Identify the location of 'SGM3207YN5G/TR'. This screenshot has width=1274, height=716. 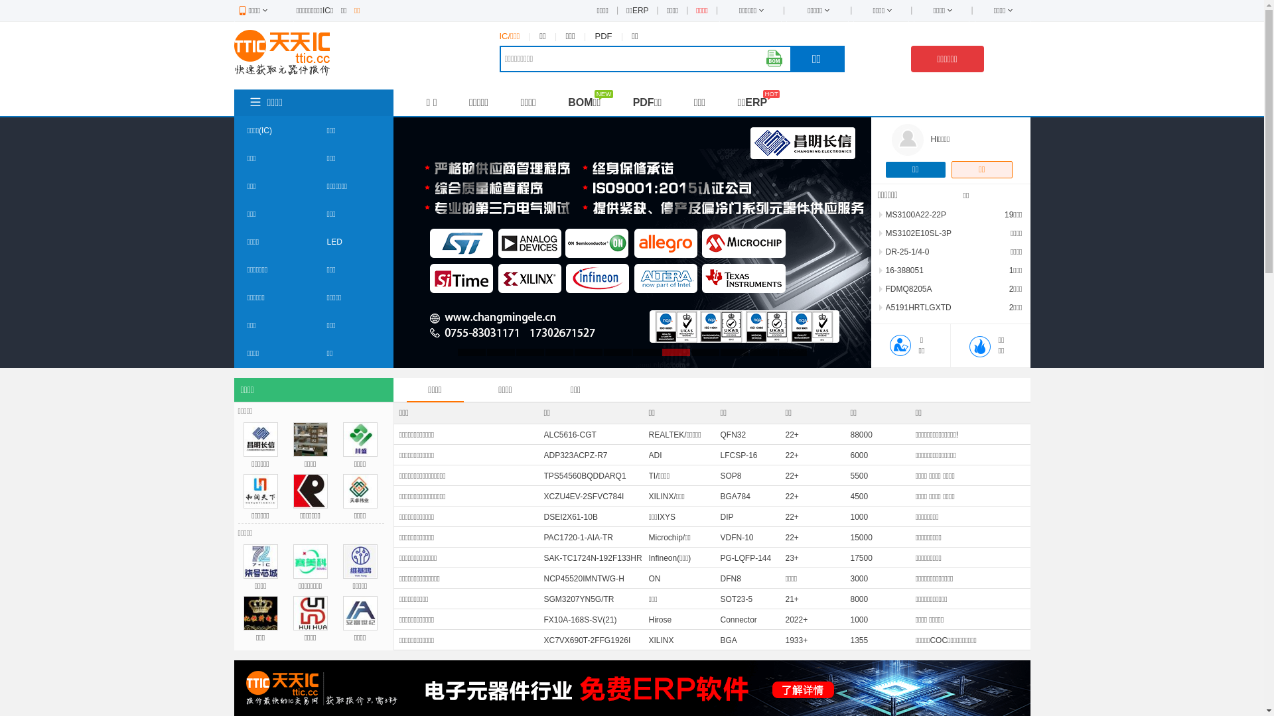
(544, 599).